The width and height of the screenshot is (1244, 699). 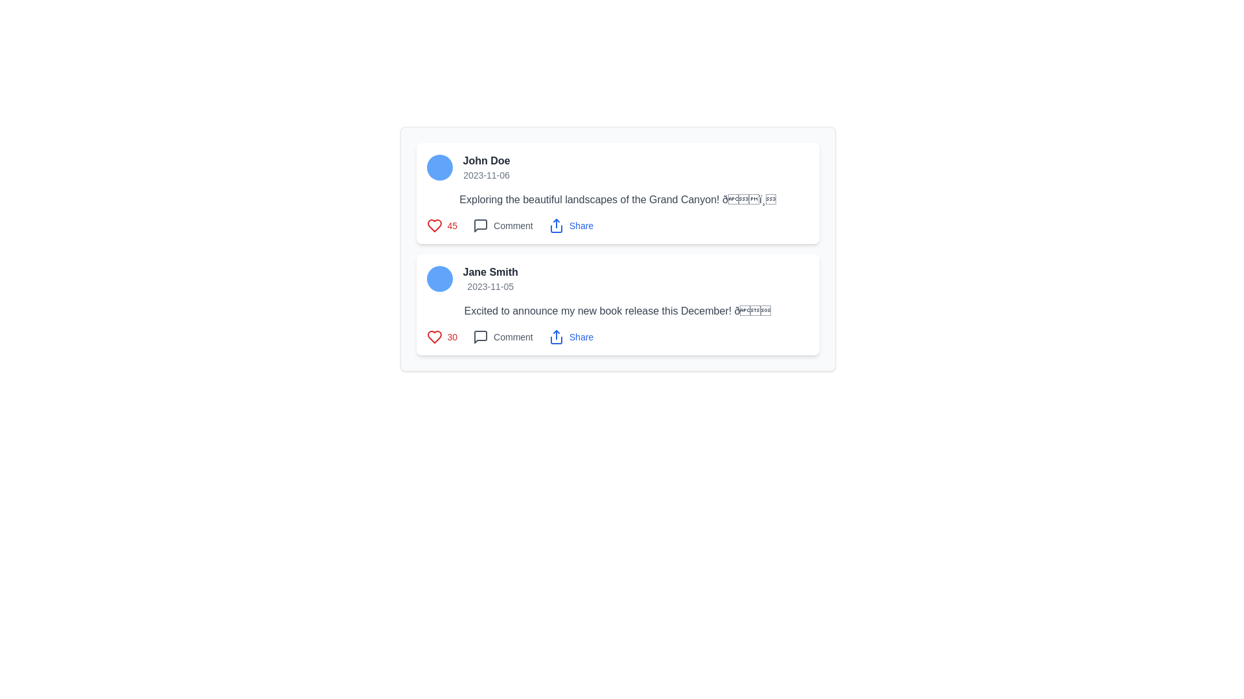 I want to click on the upward-pointing blue arrow button in the 'Share' section of Jane Smith's post, so click(x=556, y=336).